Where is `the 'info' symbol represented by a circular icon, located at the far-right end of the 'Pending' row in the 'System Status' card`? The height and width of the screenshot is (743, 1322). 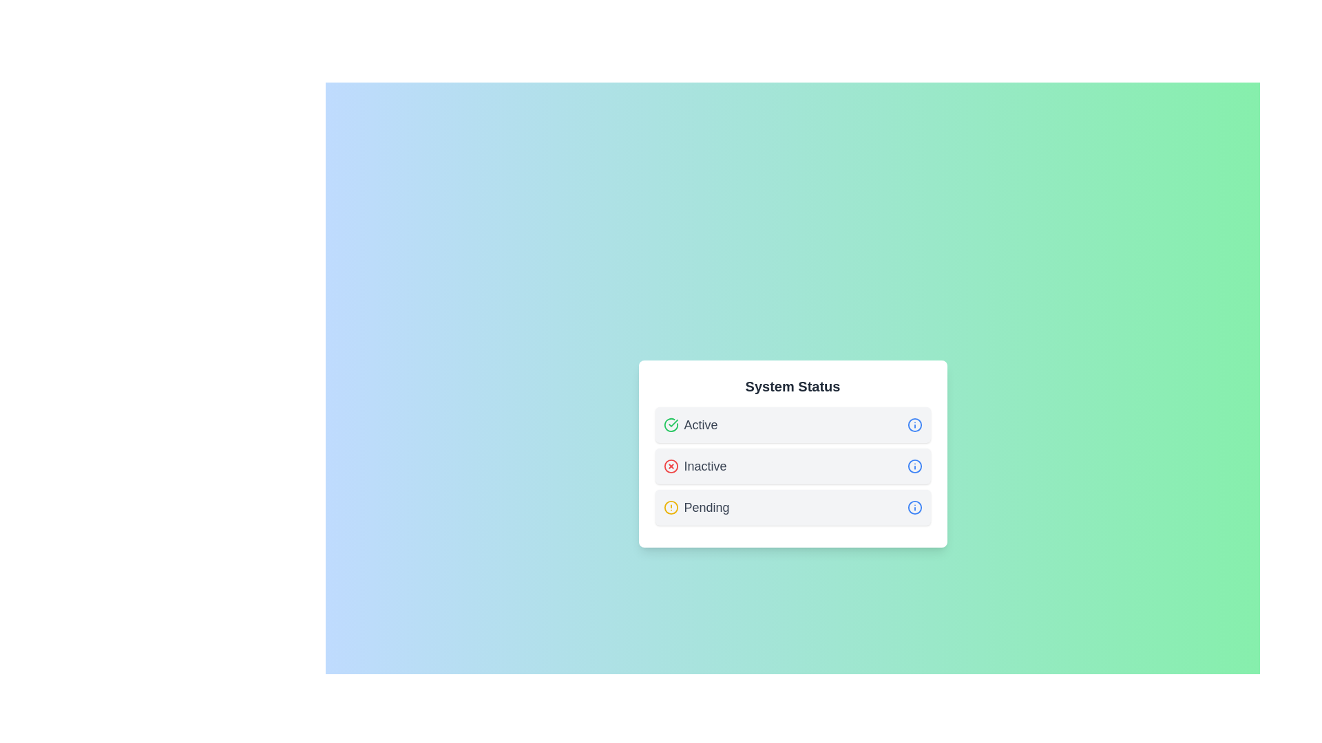 the 'info' symbol represented by a circular icon, located at the far-right end of the 'Pending' row in the 'System Status' card is located at coordinates (914, 507).